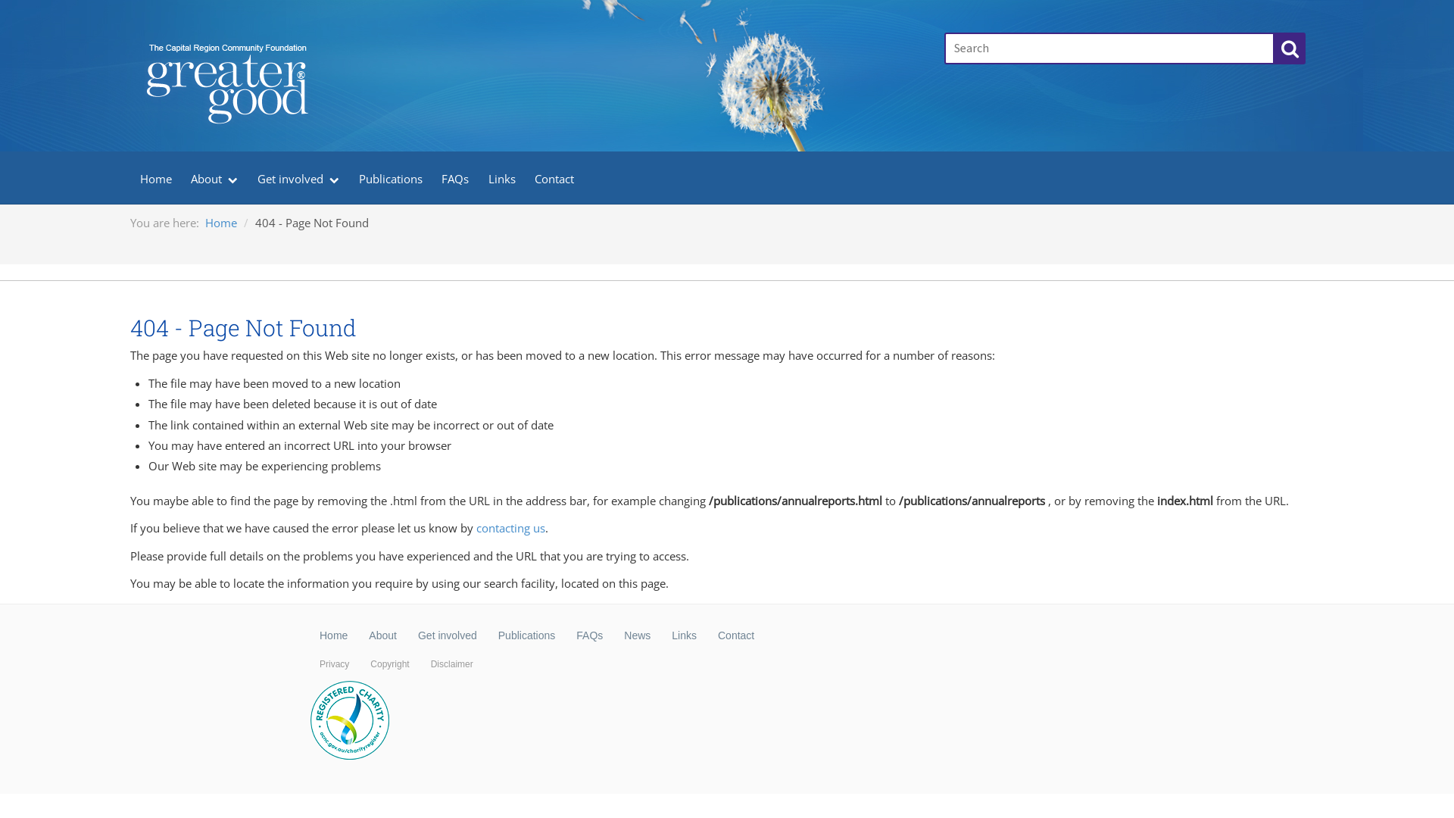 This screenshot has width=1454, height=818. Describe the element at coordinates (1289, 48) in the screenshot. I see `'Search'` at that location.